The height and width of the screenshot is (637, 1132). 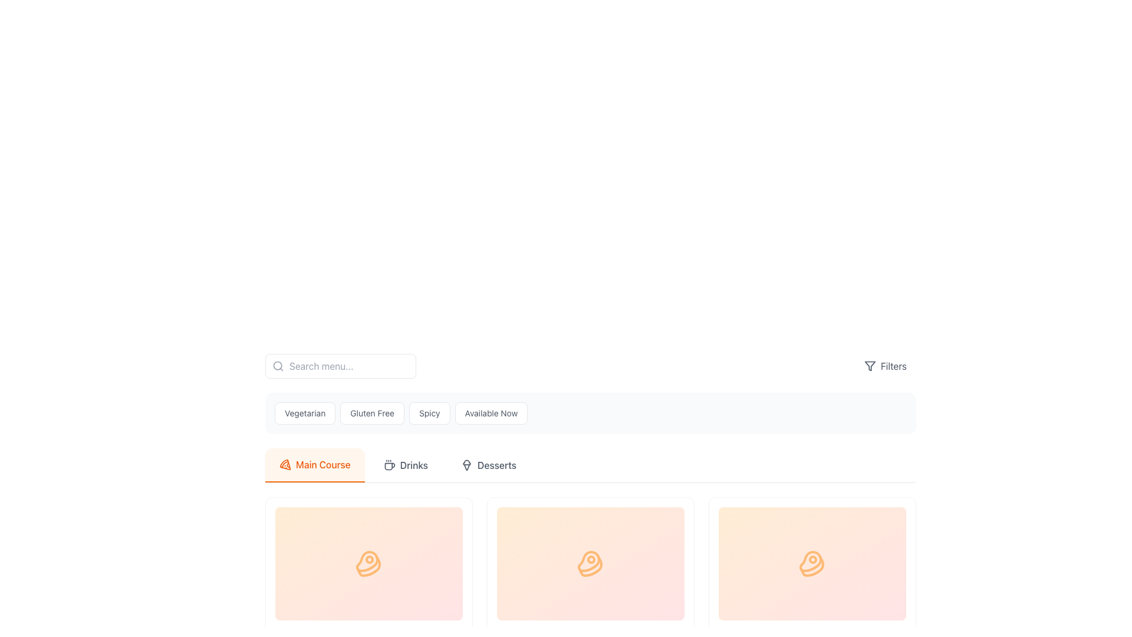 What do you see at coordinates (285, 464) in the screenshot?
I see `the pizza slice icon in the SVG graphic` at bounding box center [285, 464].